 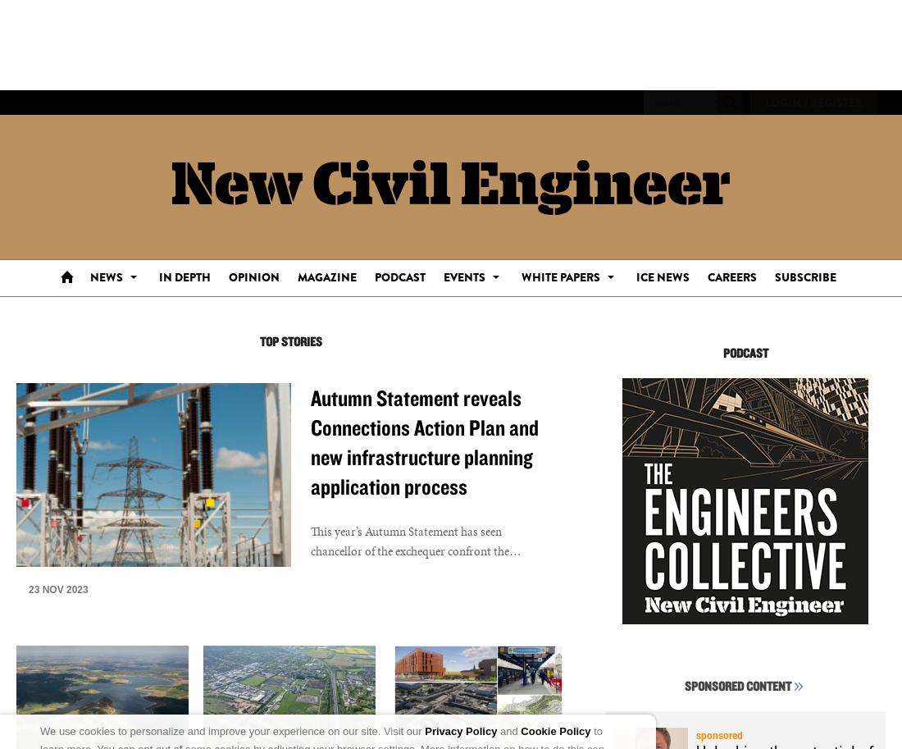 What do you see at coordinates (107, 276) in the screenshot?
I see `'News'` at bounding box center [107, 276].